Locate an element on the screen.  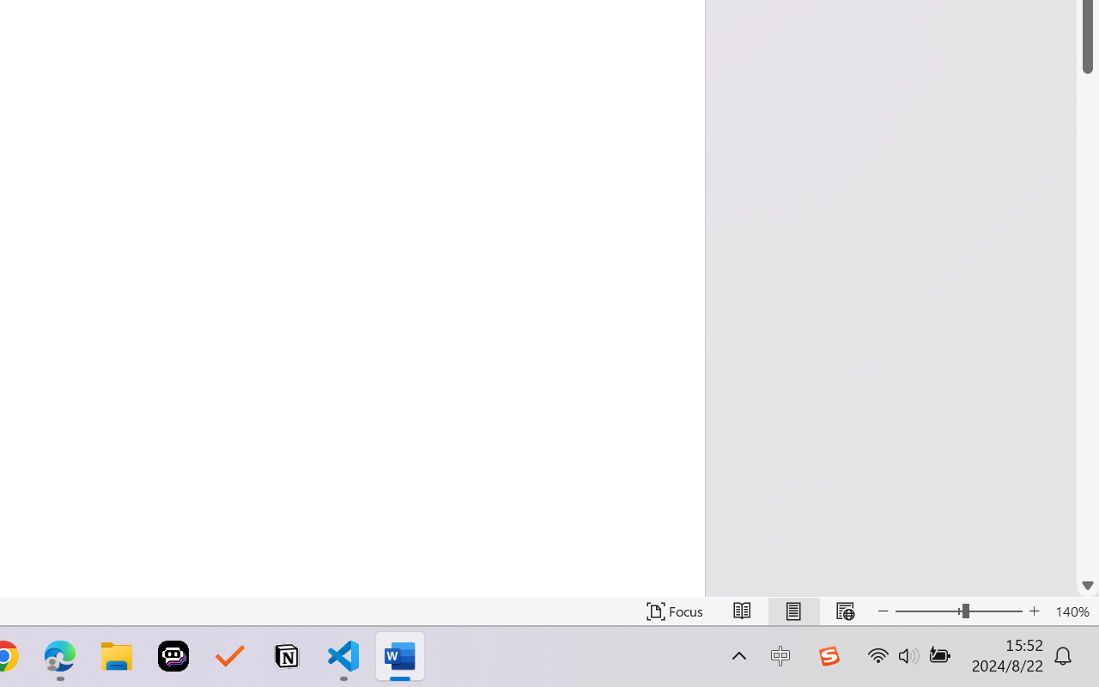
'Zoom In' is located at coordinates (1034, 611).